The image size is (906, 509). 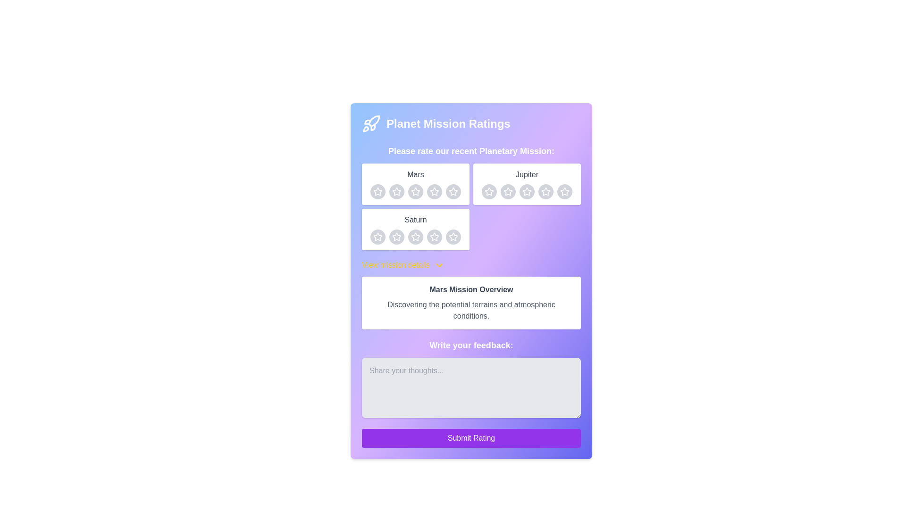 I want to click on title section that displays 'Please rate our recent Planetary Mission:' which is located at the top of the rating section above the planet options, so click(x=471, y=197).